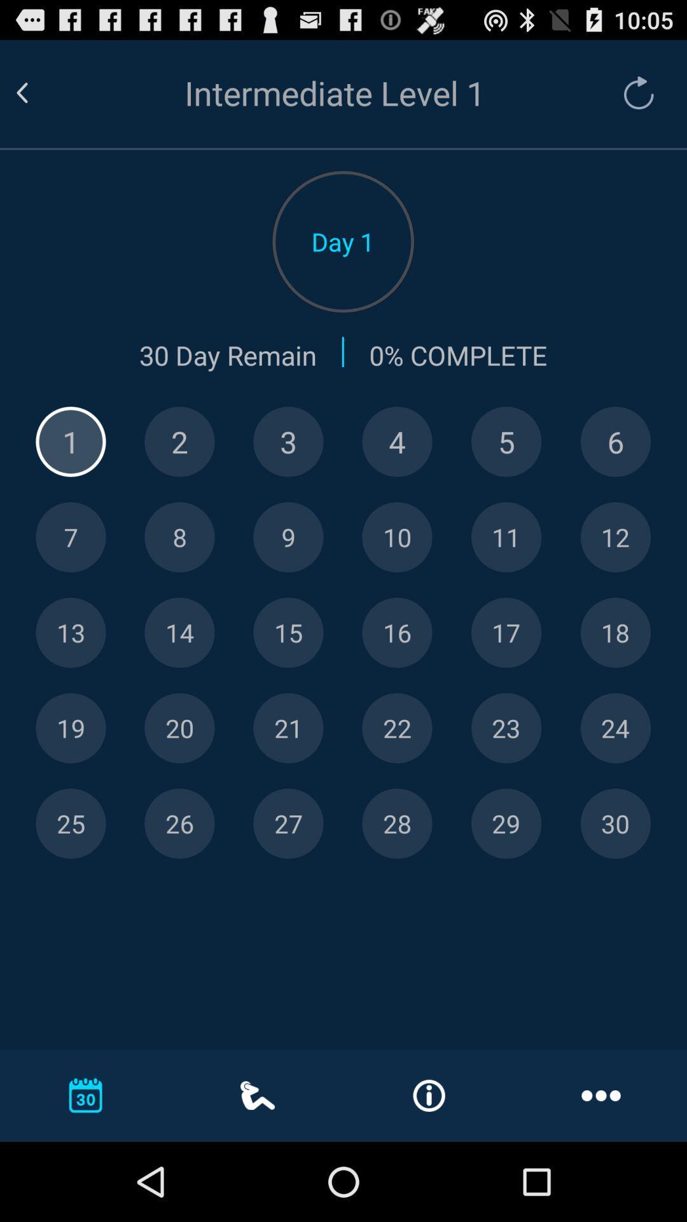 Image resolution: width=687 pixels, height=1222 pixels. What do you see at coordinates (614, 728) in the screenshot?
I see `choose day 24` at bounding box center [614, 728].